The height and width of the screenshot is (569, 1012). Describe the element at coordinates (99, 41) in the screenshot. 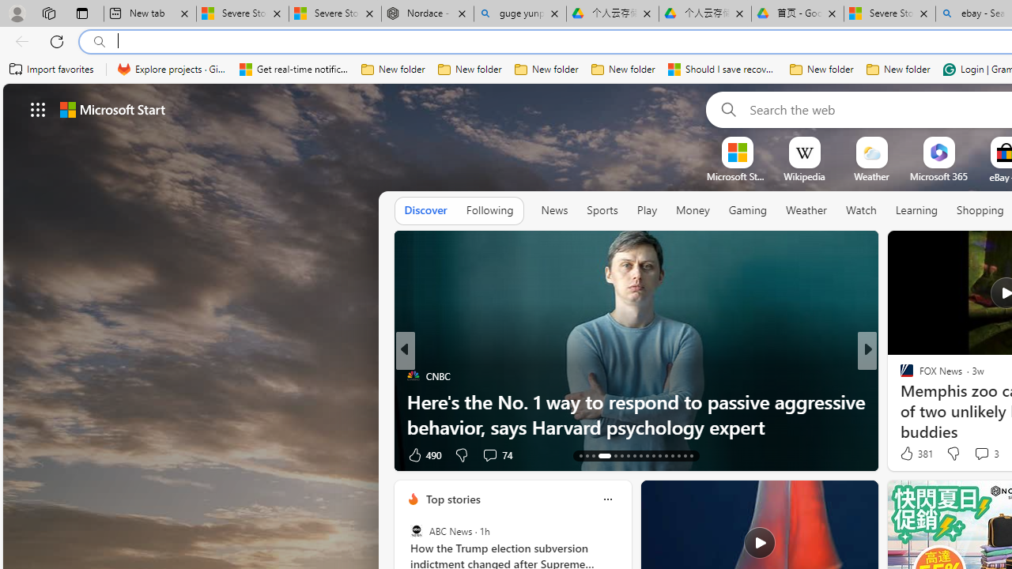

I see `'Search icon'` at that location.